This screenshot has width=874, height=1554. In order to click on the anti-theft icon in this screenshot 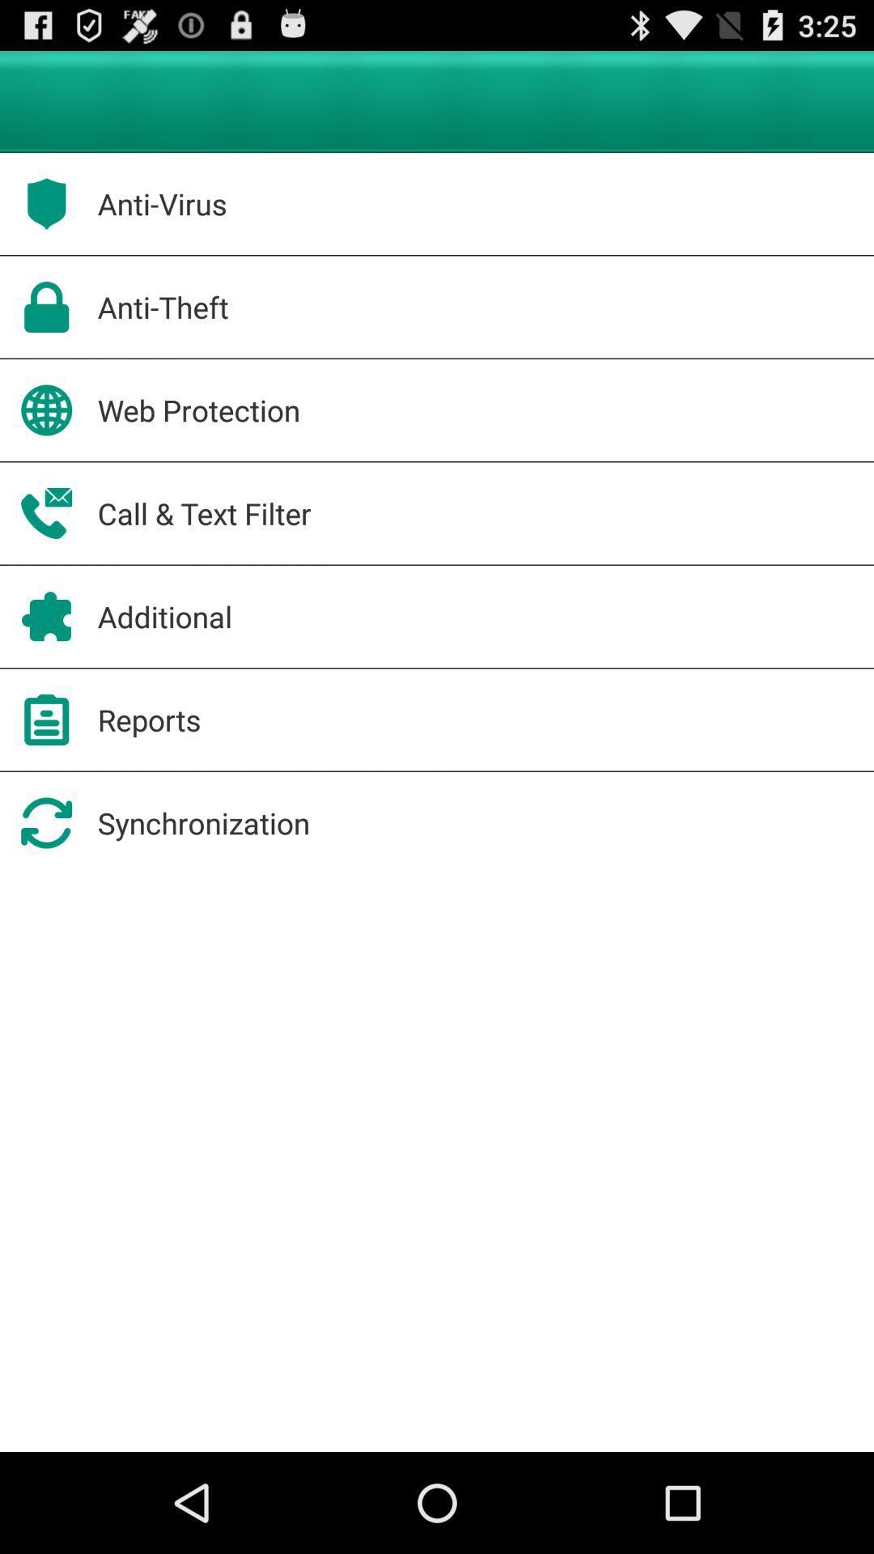, I will do `click(163, 307)`.